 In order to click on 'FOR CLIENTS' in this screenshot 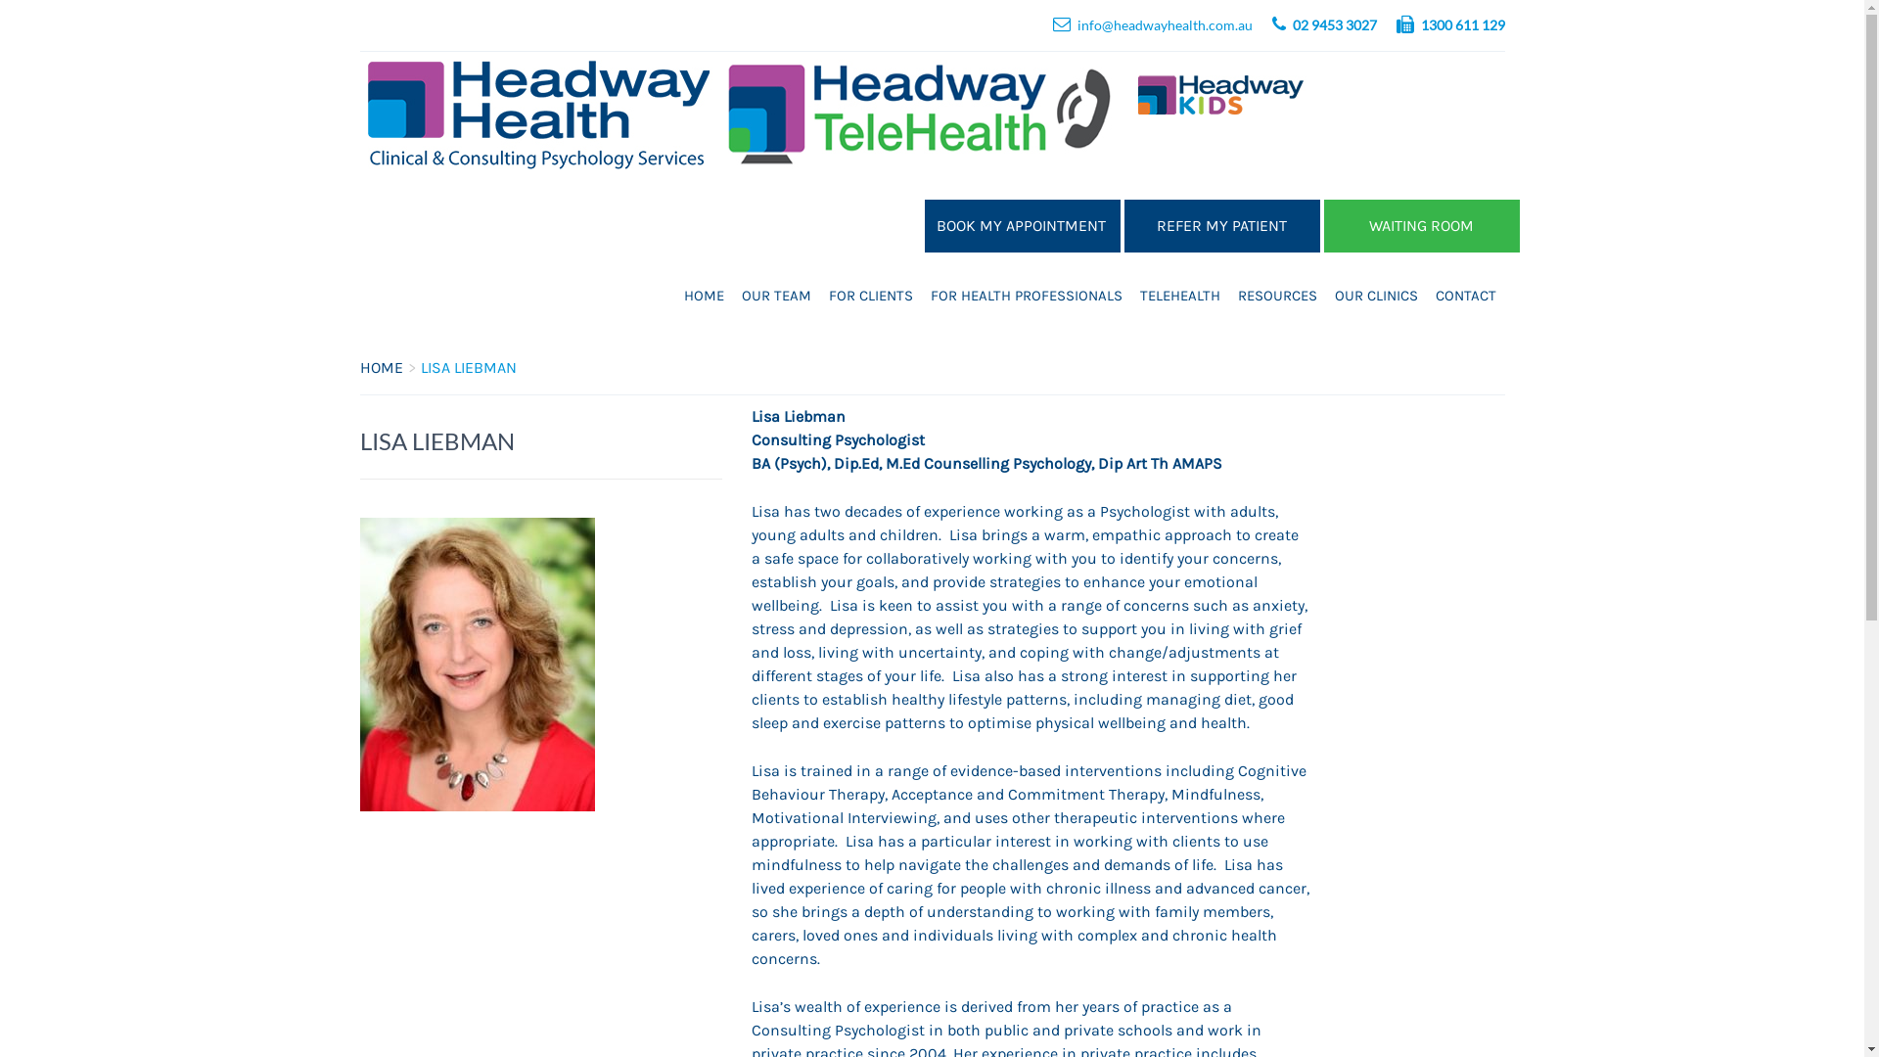, I will do `click(869, 295)`.